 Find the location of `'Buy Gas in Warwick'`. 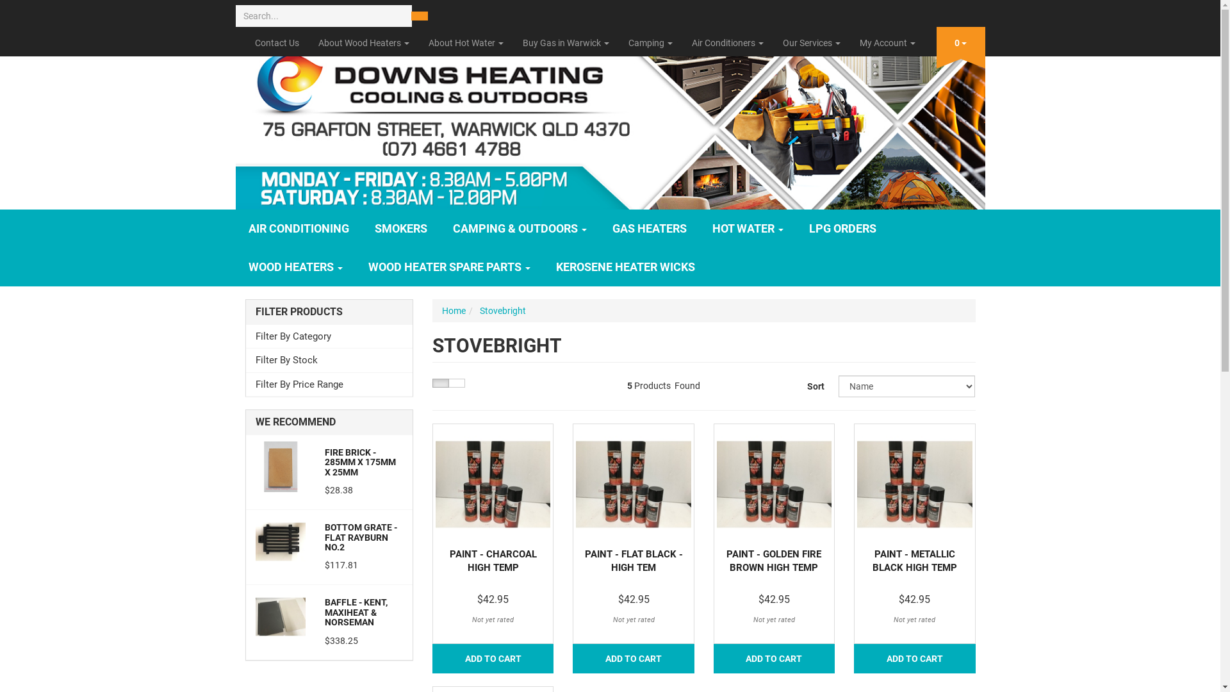

'Buy Gas in Warwick' is located at coordinates (564, 42).